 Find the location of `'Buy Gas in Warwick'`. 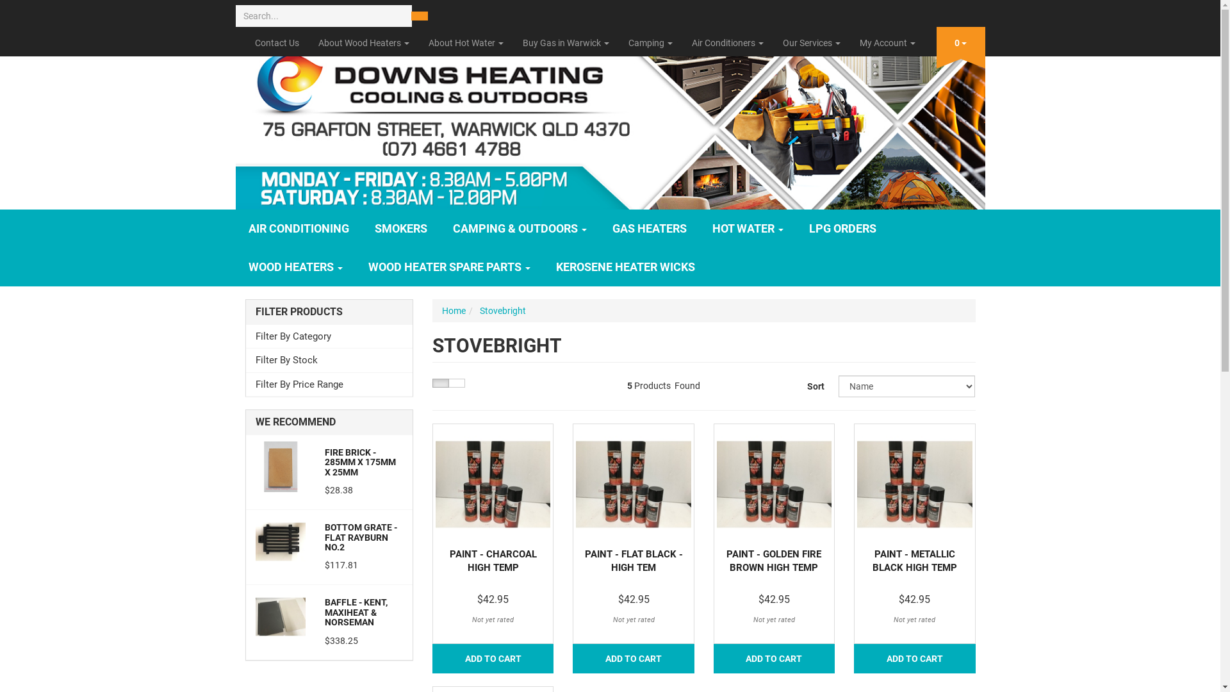

'Buy Gas in Warwick' is located at coordinates (564, 42).